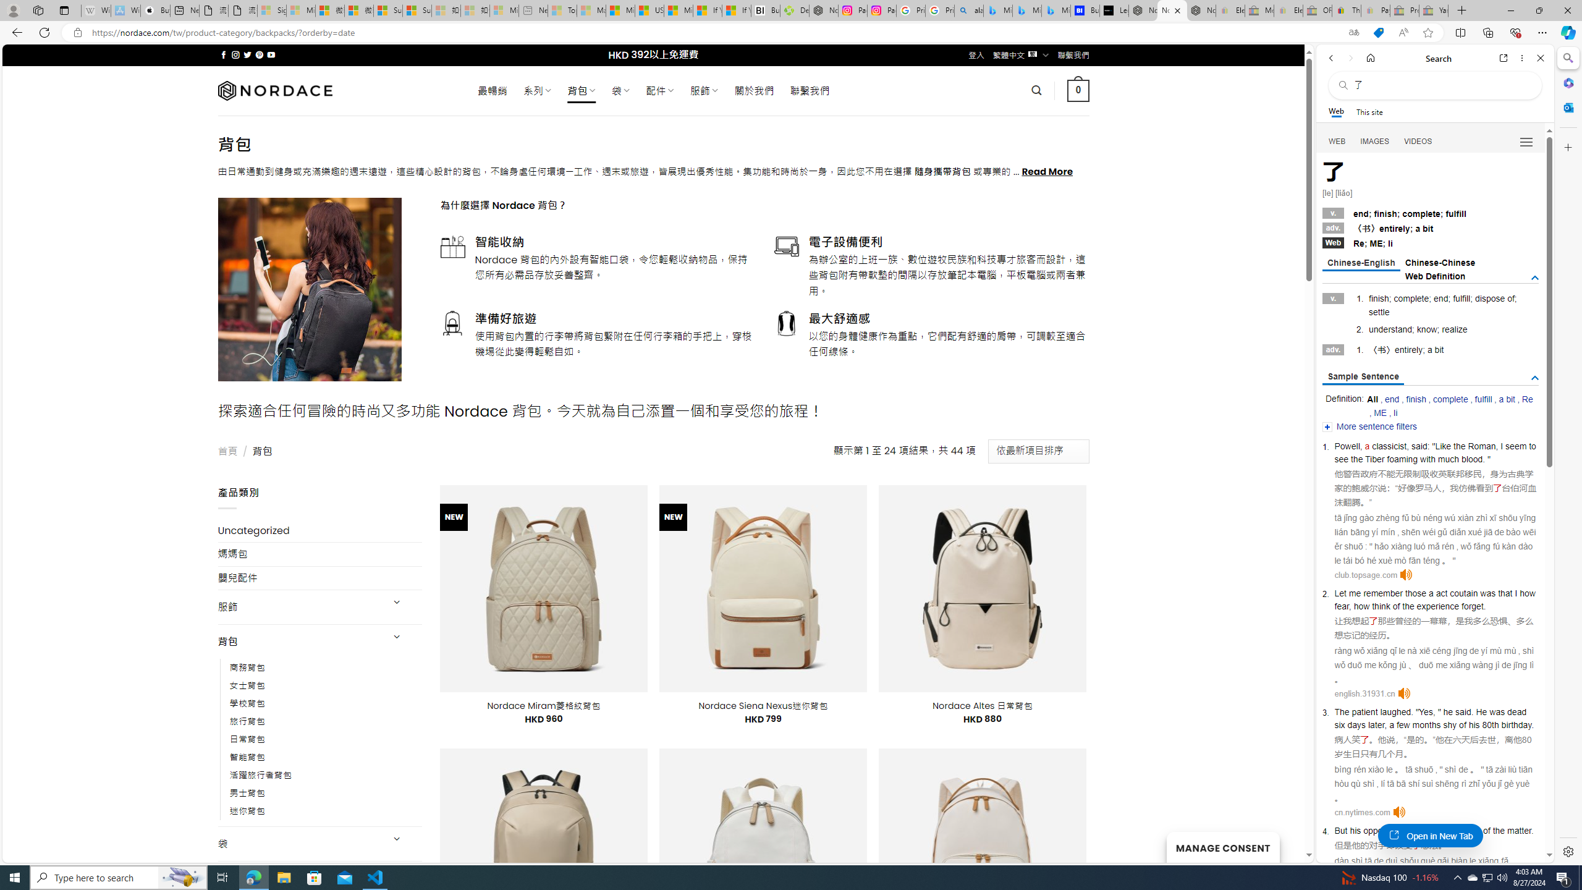  Describe the element at coordinates (1337, 142) in the screenshot. I see `'WEB'` at that location.